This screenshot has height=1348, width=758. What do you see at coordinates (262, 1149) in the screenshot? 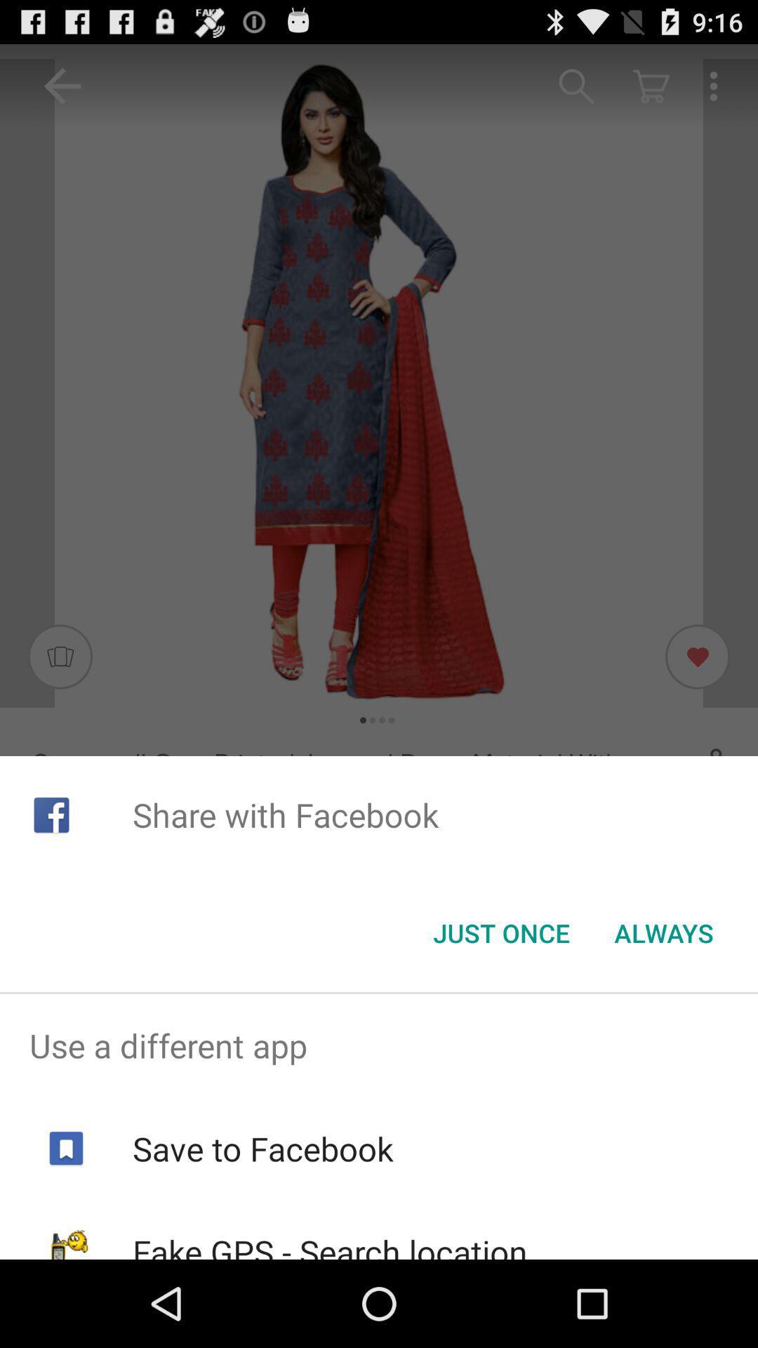
I see `icon below use a different app` at bounding box center [262, 1149].